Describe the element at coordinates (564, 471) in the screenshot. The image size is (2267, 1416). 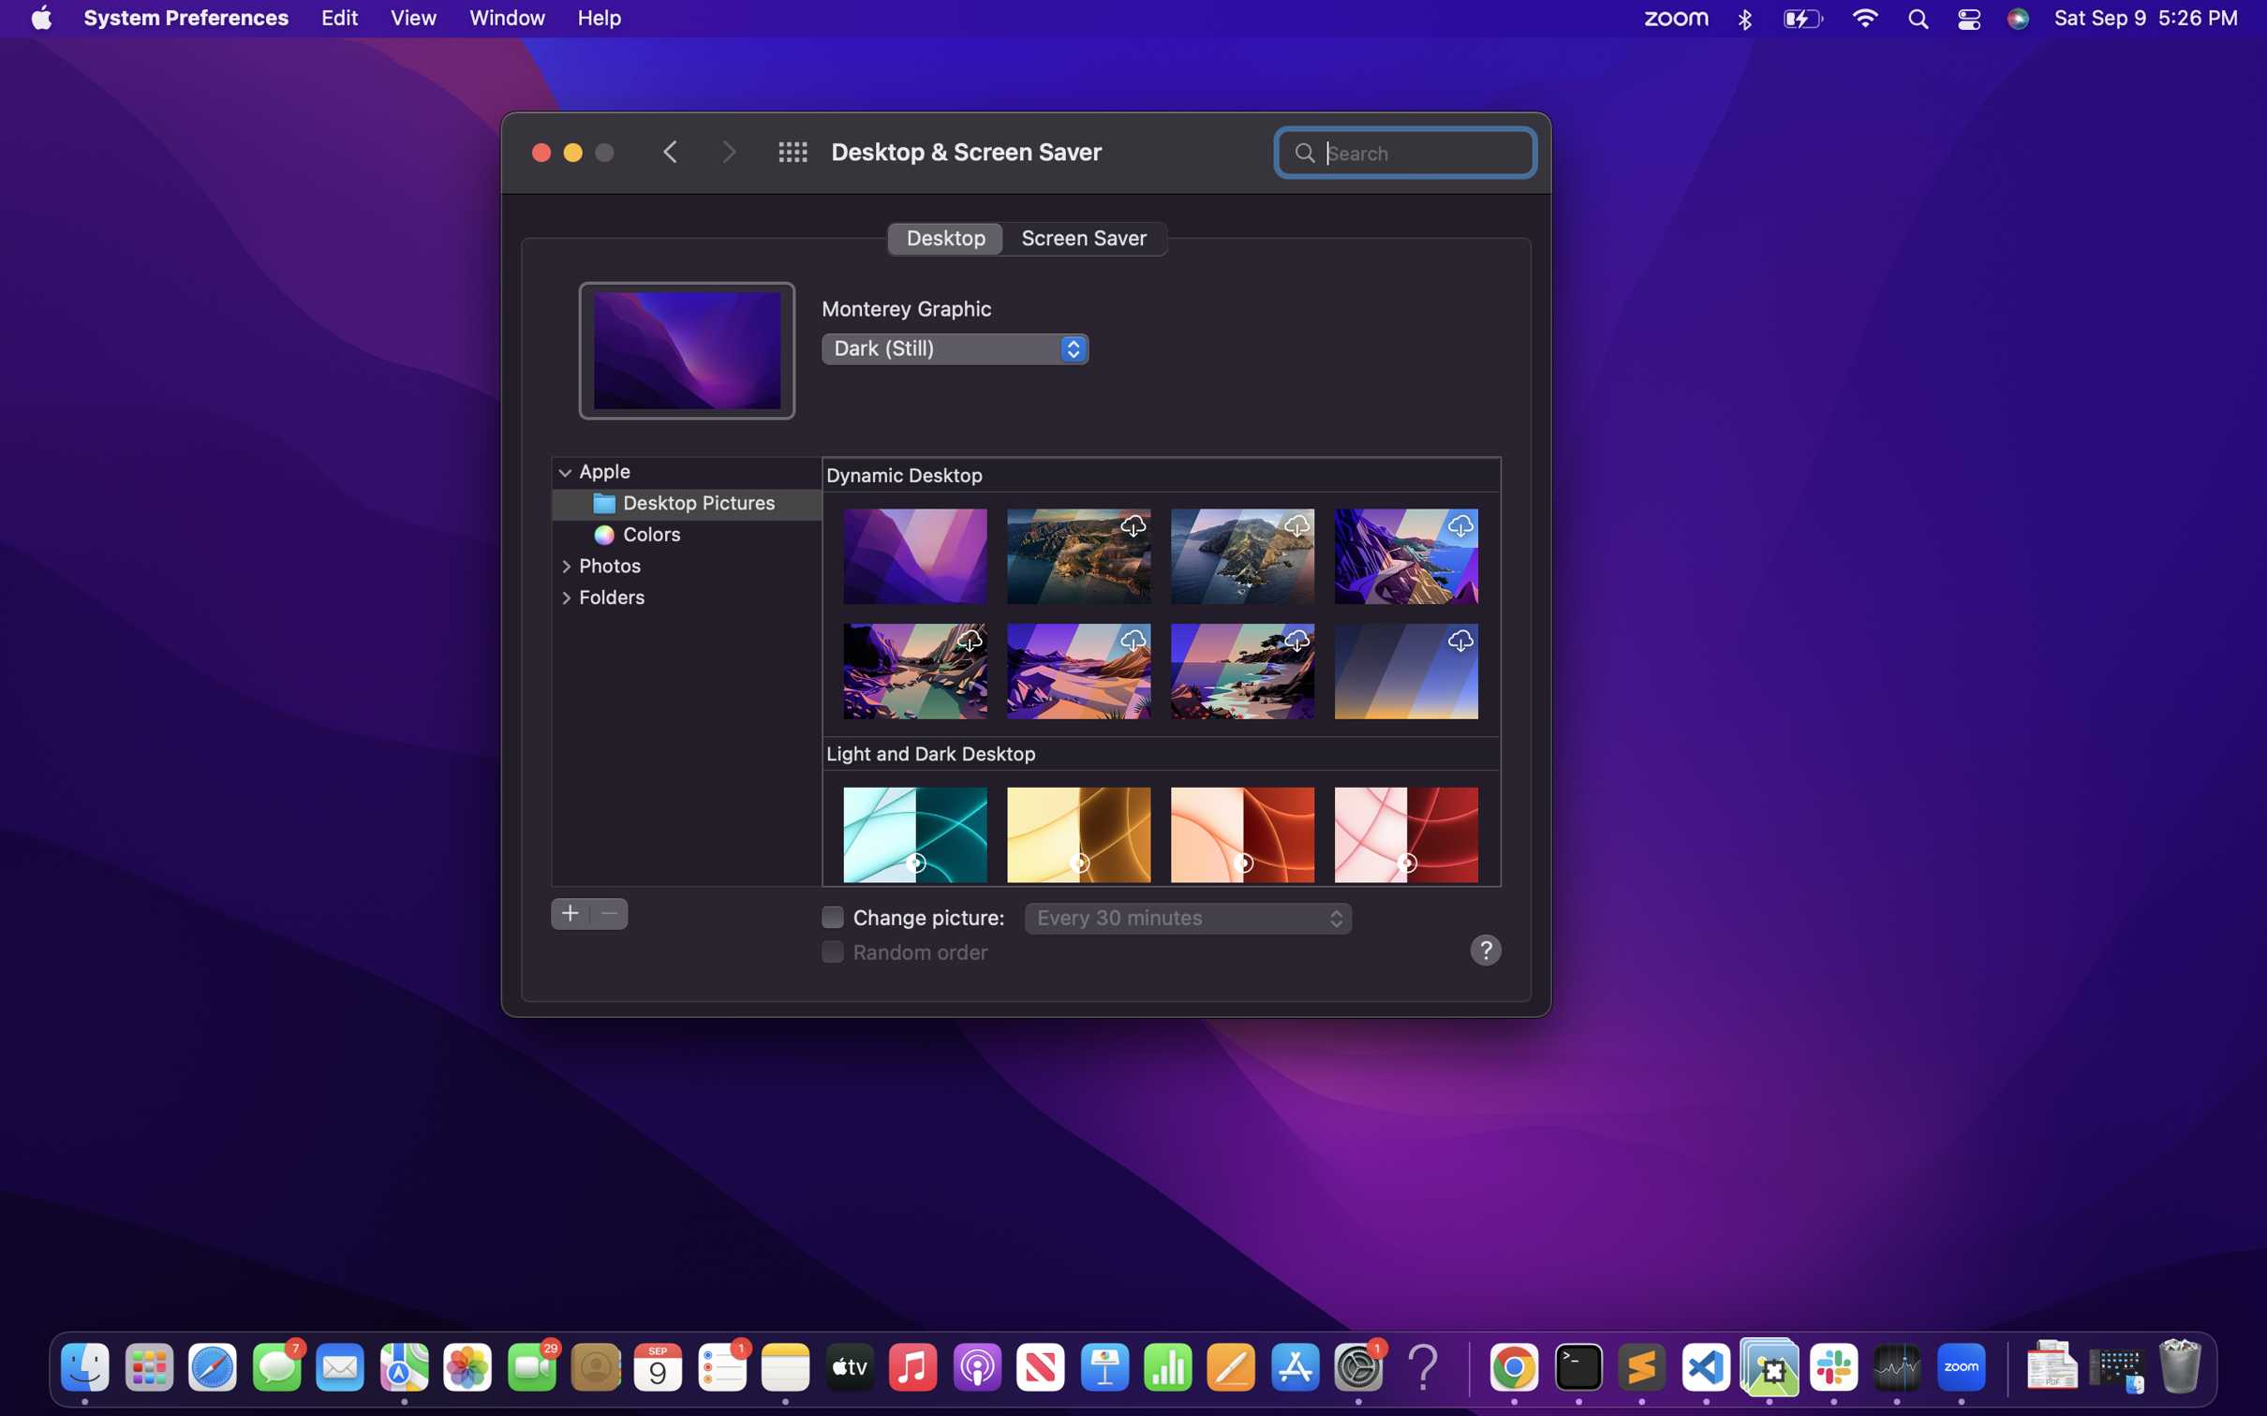
I see `the option panel` at that location.